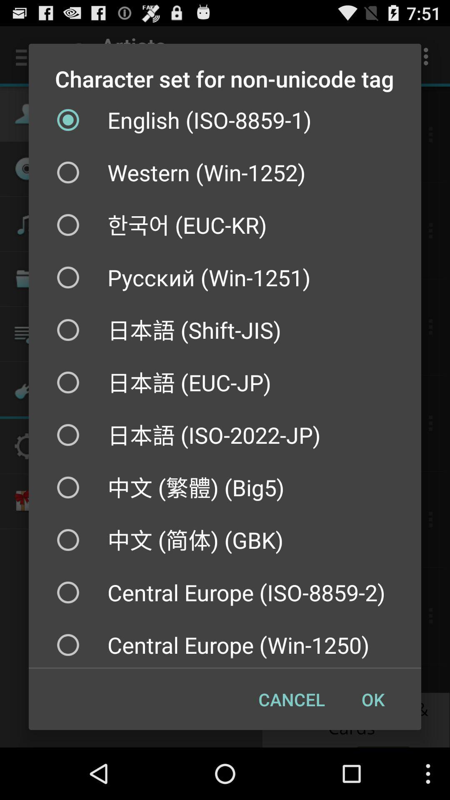  I want to click on the item next to the ok button, so click(291, 699).